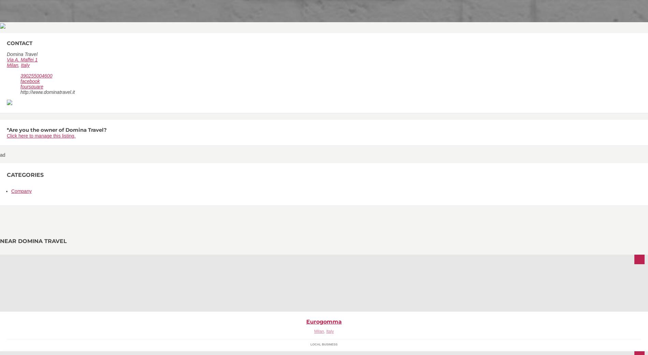 Image resolution: width=648 pixels, height=355 pixels. Describe the element at coordinates (2, 155) in the screenshot. I see `'ad'` at that location.